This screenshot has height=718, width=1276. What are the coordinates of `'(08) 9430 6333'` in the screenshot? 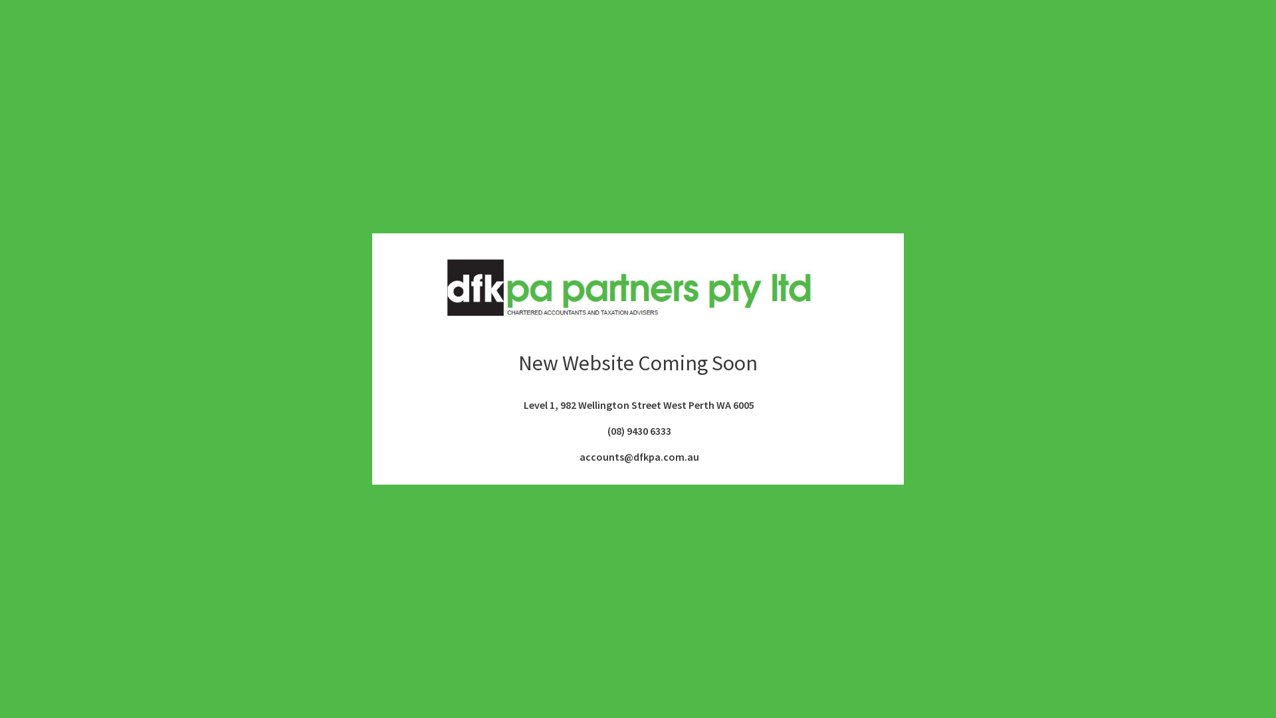 It's located at (637, 431).